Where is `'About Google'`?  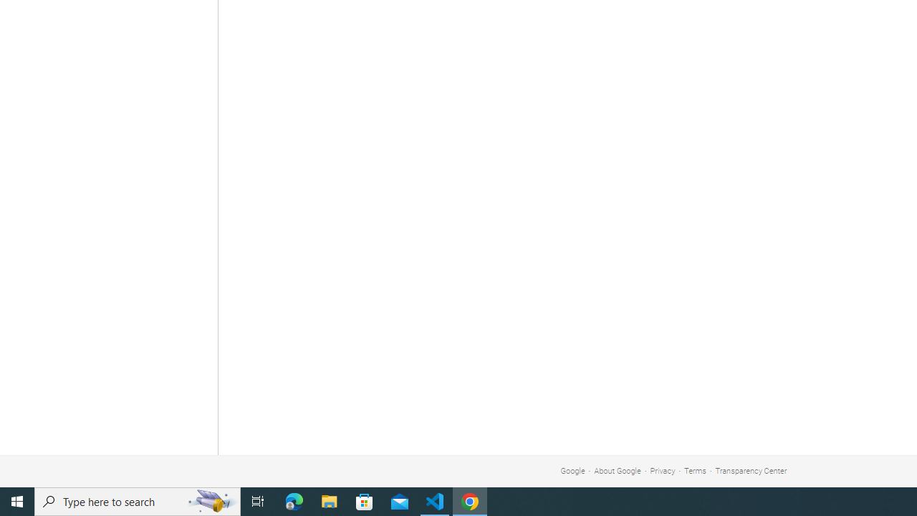
'About Google' is located at coordinates (618, 471).